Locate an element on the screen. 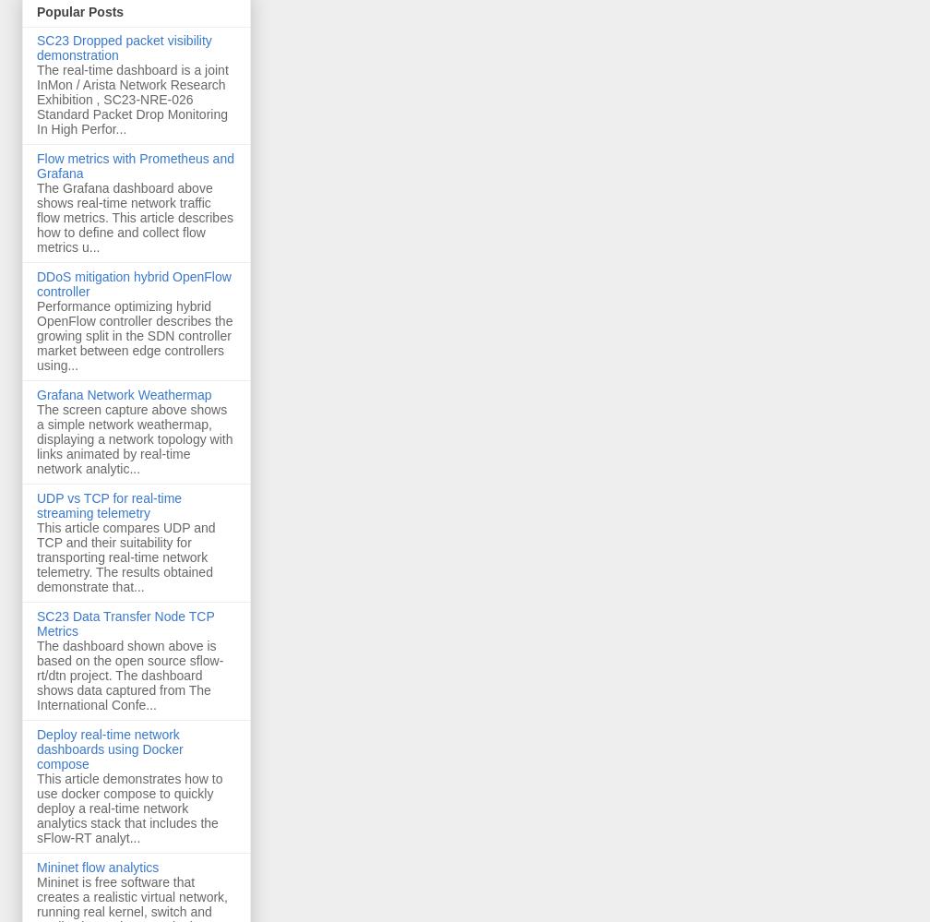  'DDoS mitigation hybrid OpenFlow controller' is located at coordinates (133, 282).